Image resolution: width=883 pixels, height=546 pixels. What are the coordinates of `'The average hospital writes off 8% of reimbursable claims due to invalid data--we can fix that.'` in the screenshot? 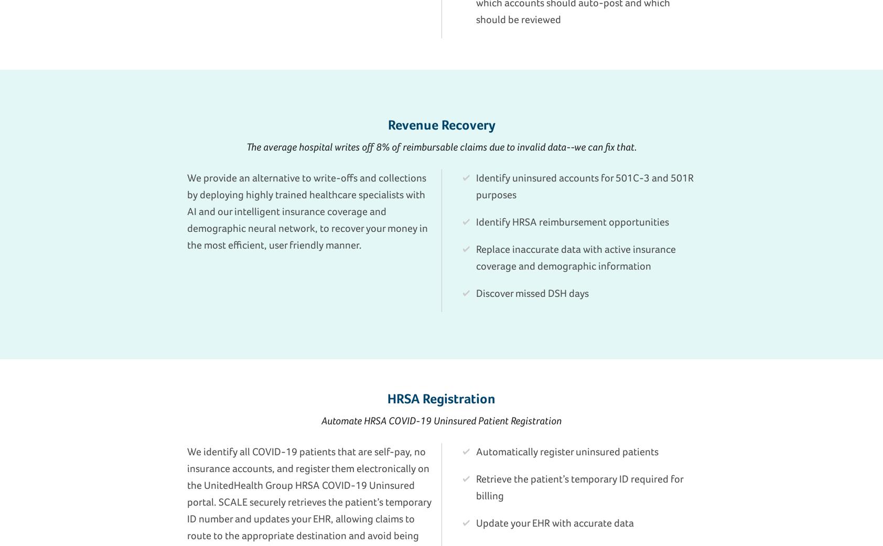 It's located at (441, 146).